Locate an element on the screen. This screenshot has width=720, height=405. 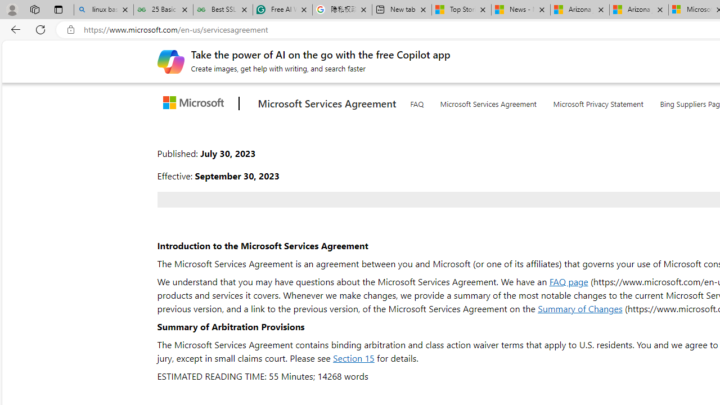
'FAQ' is located at coordinates (416, 102).